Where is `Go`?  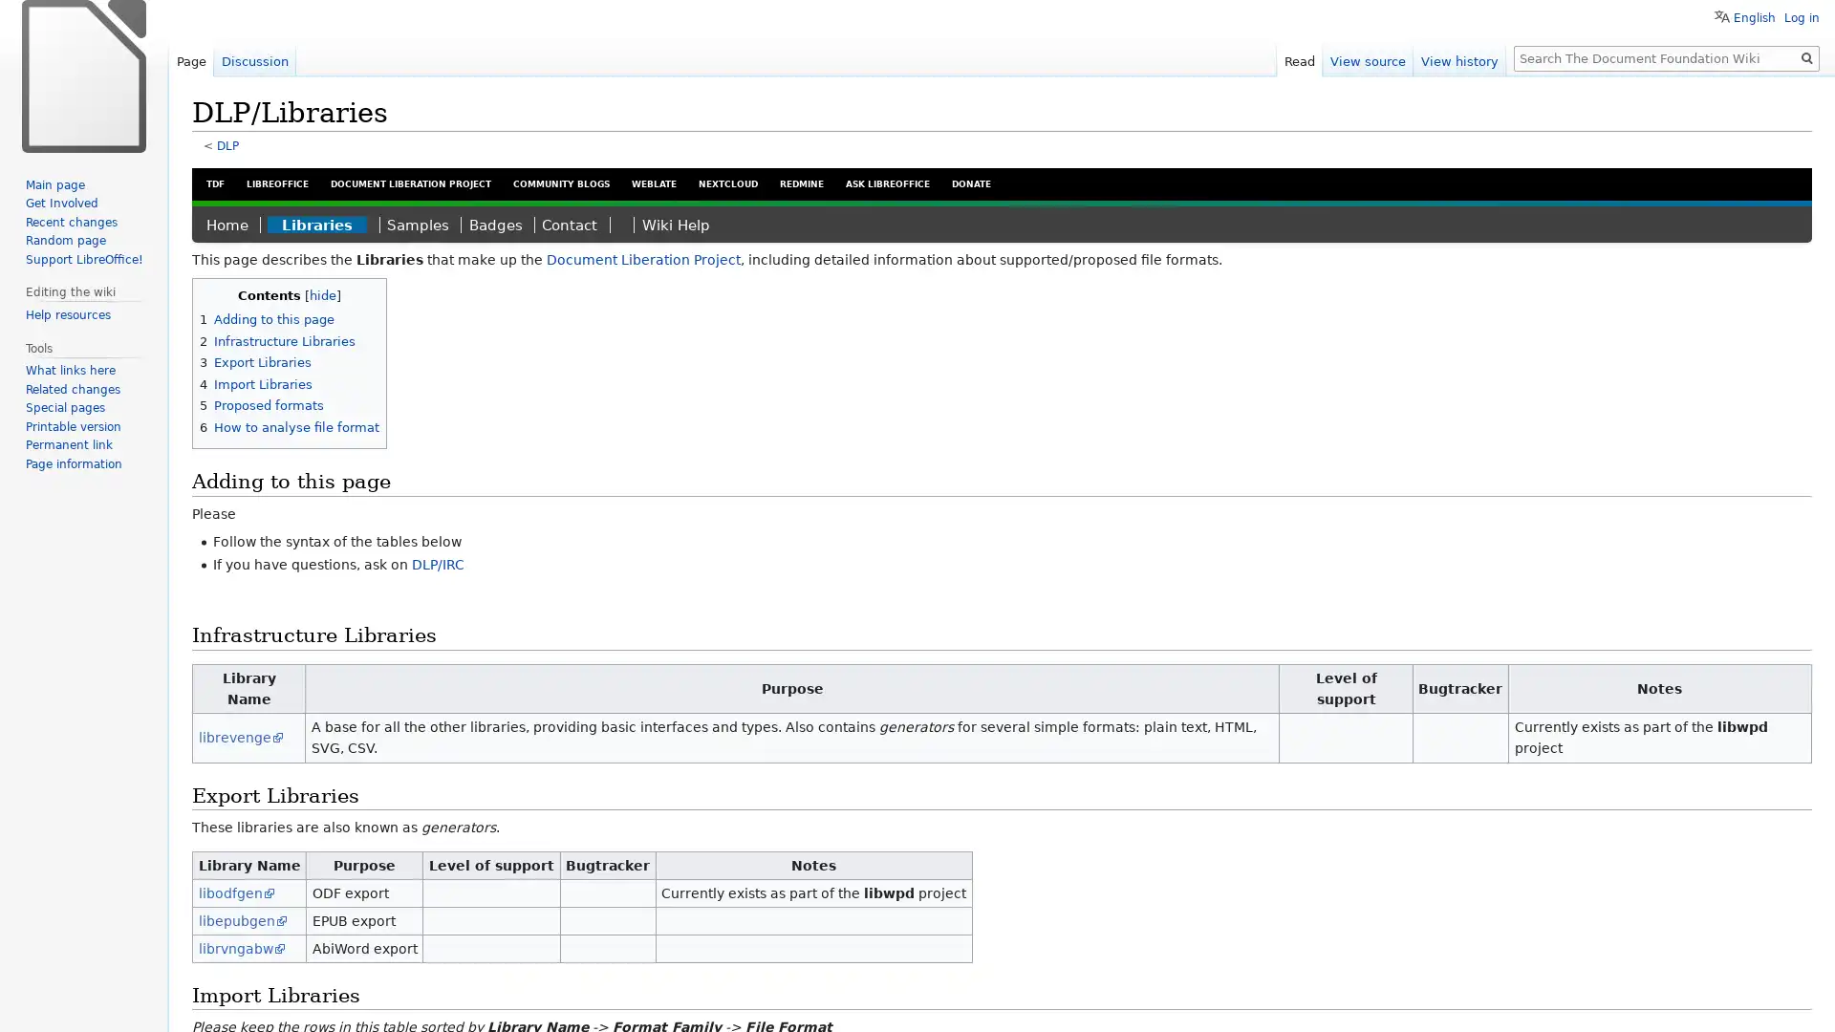 Go is located at coordinates (1806, 57).